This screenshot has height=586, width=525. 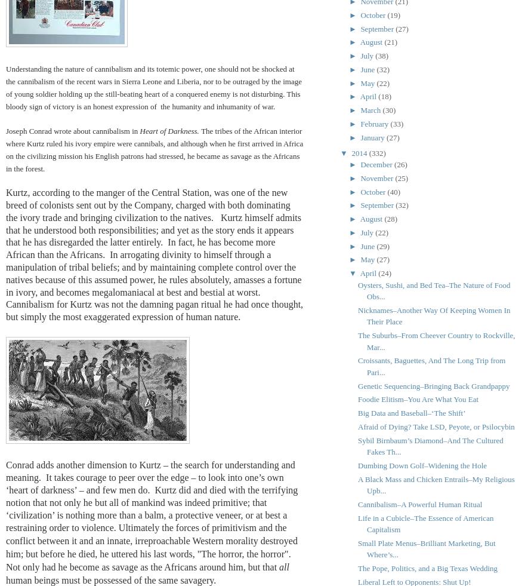 What do you see at coordinates (370, 109) in the screenshot?
I see `'March'` at bounding box center [370, 109].